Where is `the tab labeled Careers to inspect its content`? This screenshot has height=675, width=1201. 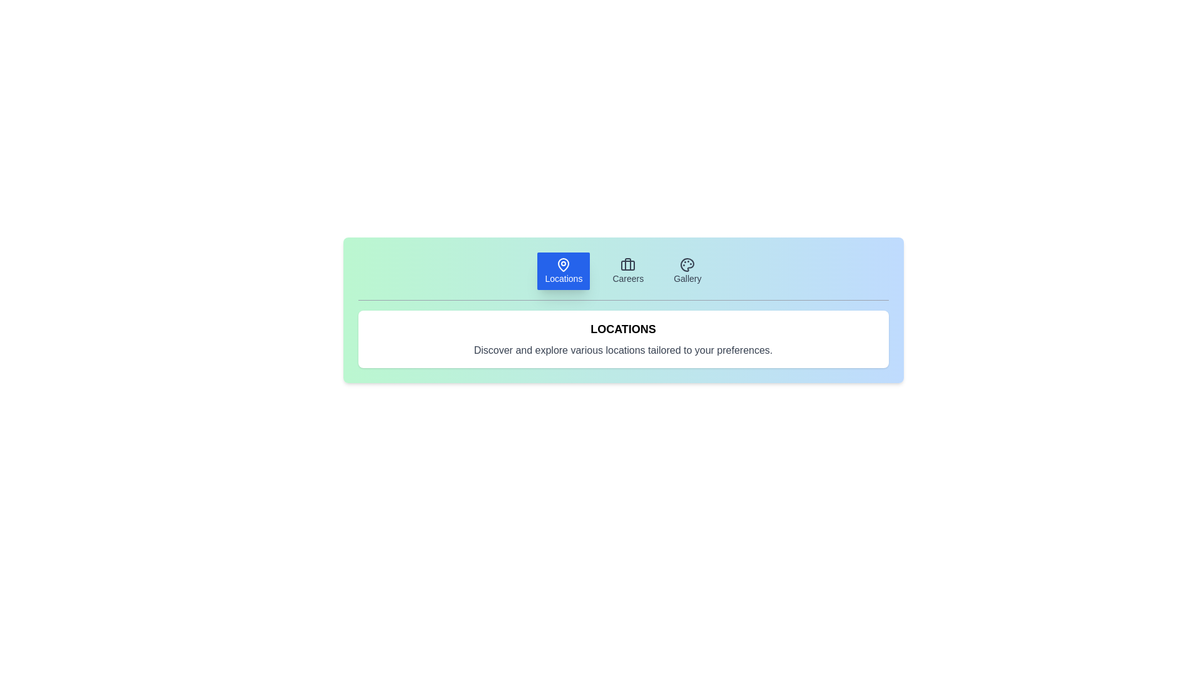
the tab labeled Careers to inspect its content is located at coordinates (628, 271).